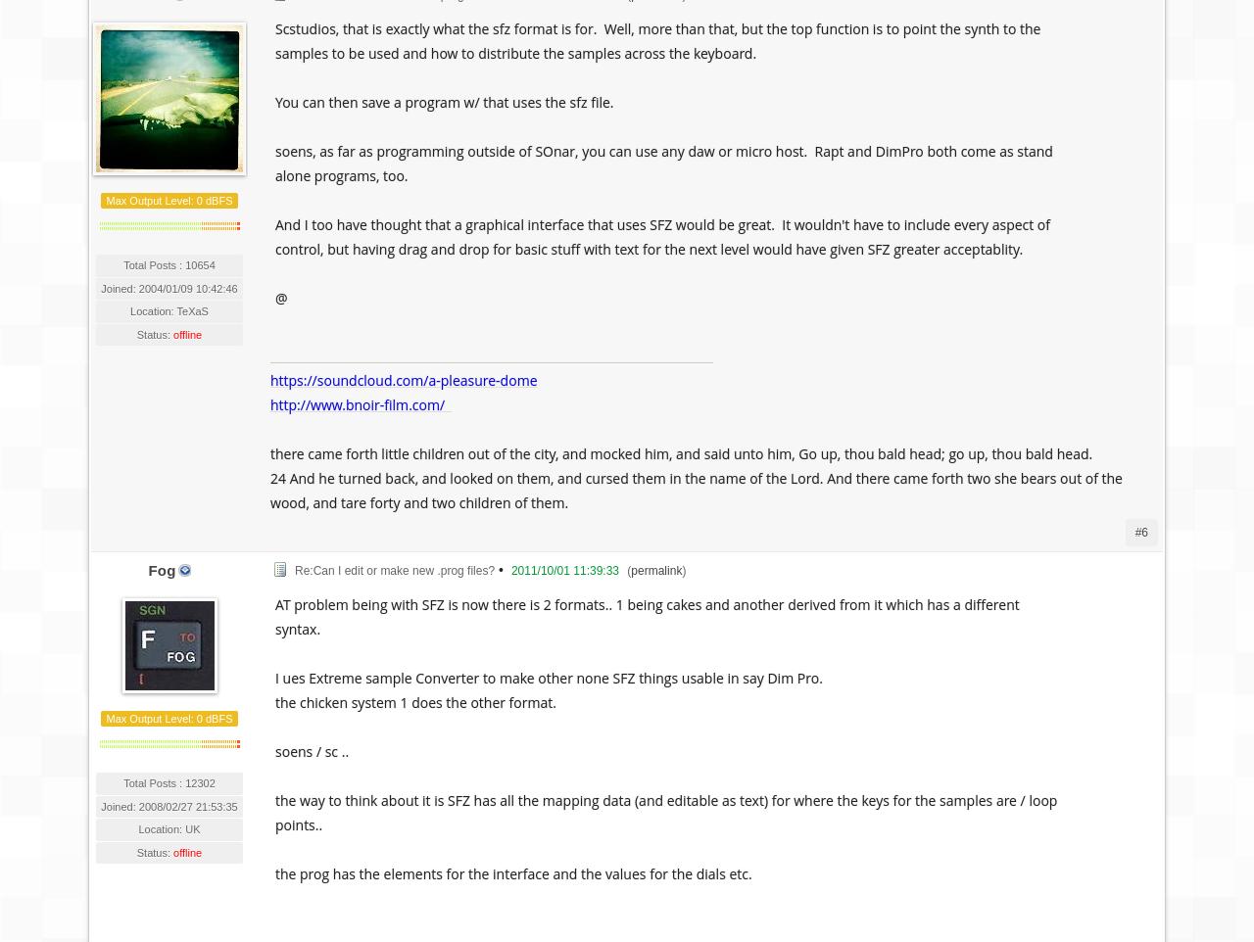 This screenshot has width=1254, height=942. Describe the element at coordinates (169, 310) in the screenshot. I see `'Location: TeXaS'` at that location.